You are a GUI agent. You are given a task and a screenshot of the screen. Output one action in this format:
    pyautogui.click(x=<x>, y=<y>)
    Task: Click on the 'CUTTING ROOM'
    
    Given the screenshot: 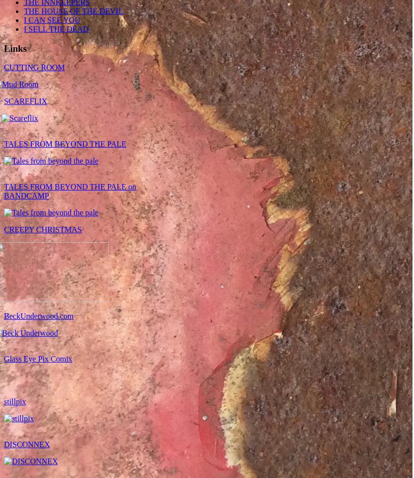 What is the action you would take?
    pyautogui.click(x=3, y=67)
    